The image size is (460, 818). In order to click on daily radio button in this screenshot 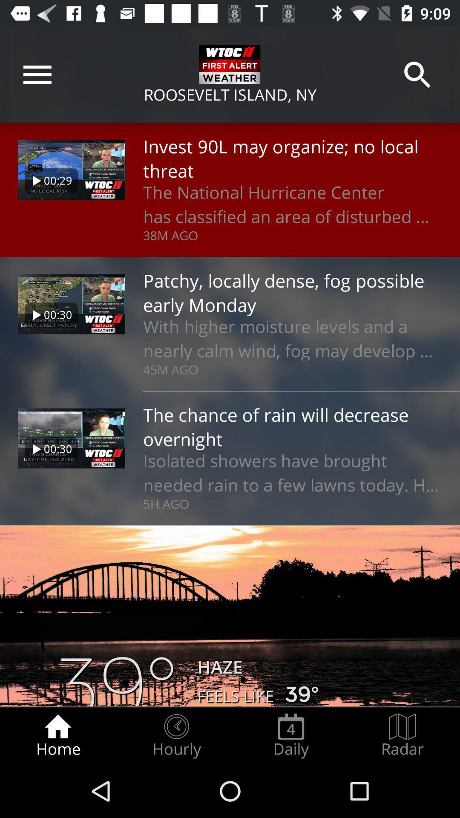, I will do `click(290, 735)`.